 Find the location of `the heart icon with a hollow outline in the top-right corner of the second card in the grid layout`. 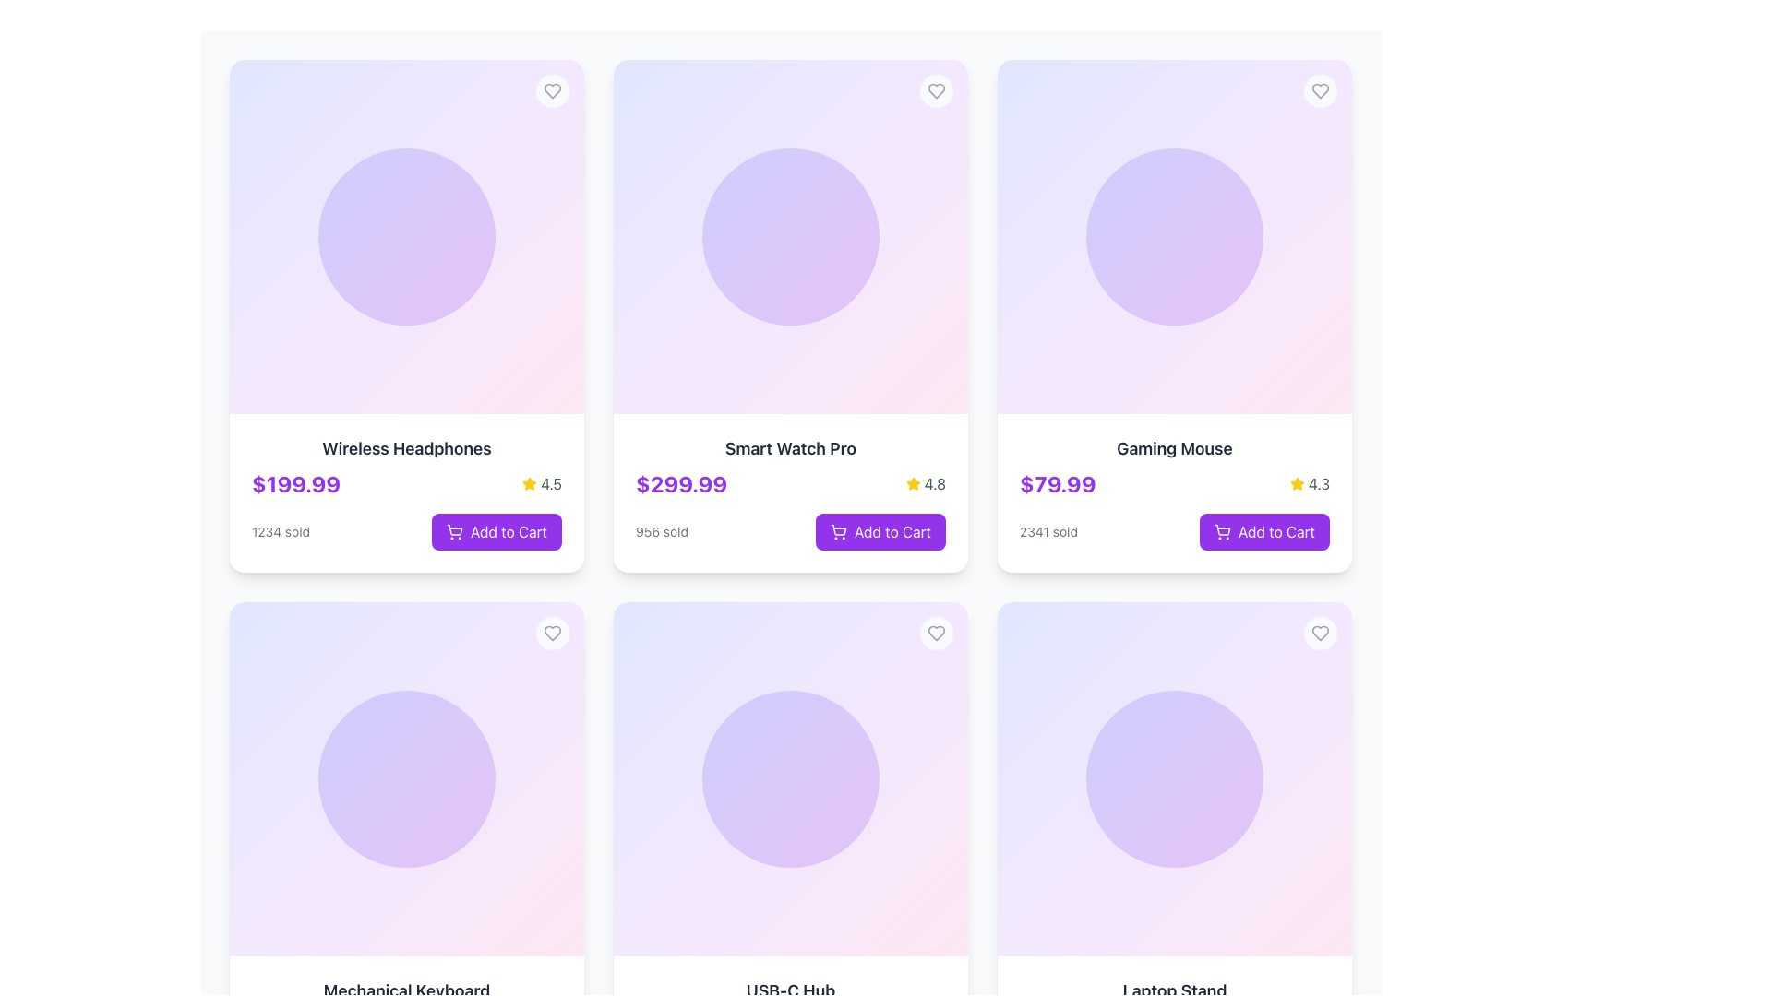

the heart icon with a hollow outline in the top-right corner of the second card in the grid layout is located at coordinates (552, 632).